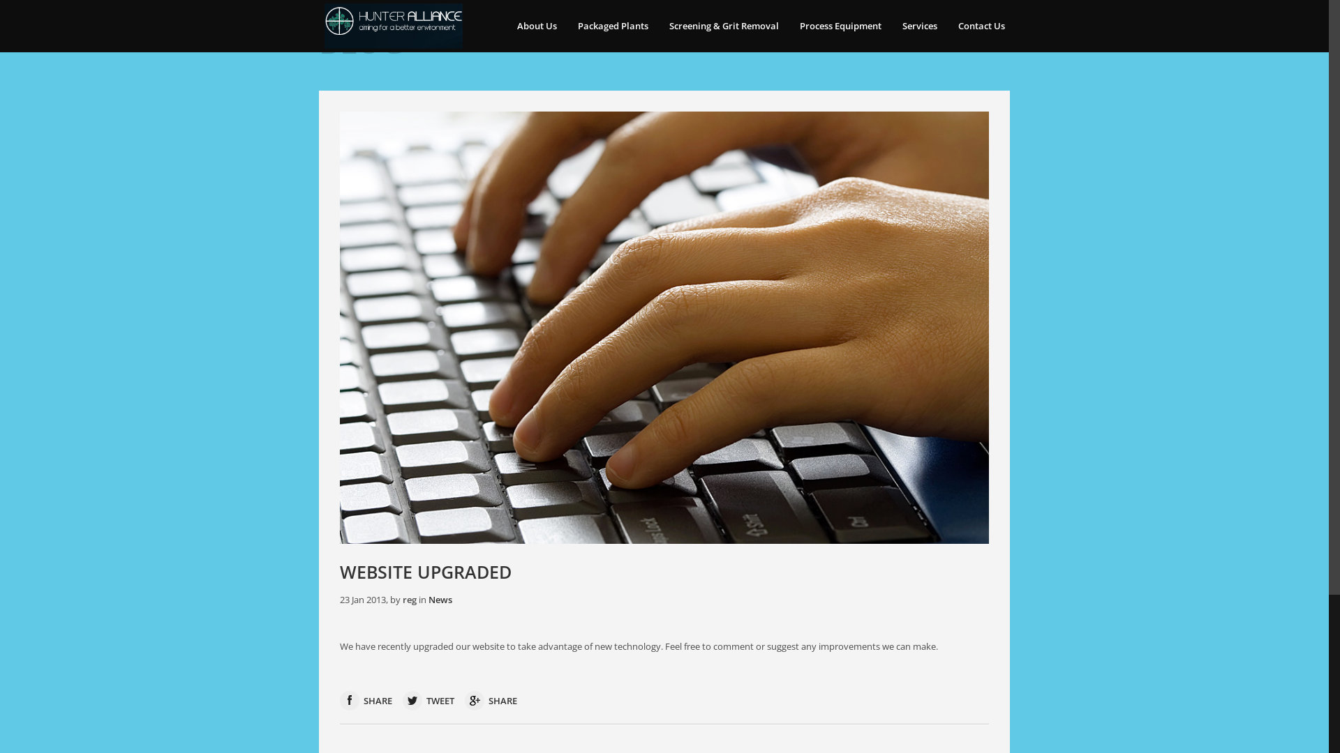  Describe the element at coordinates (491, 701) in the screenshot. I see `'SHARE'` at that location.